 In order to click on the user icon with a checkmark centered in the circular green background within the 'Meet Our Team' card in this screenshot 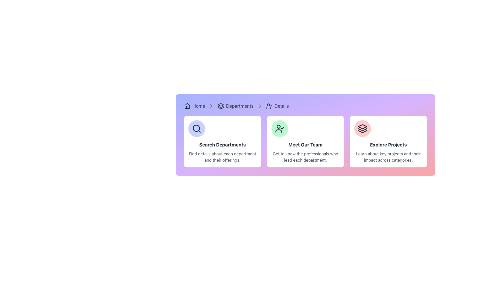, I will do `click(279, 128)`.